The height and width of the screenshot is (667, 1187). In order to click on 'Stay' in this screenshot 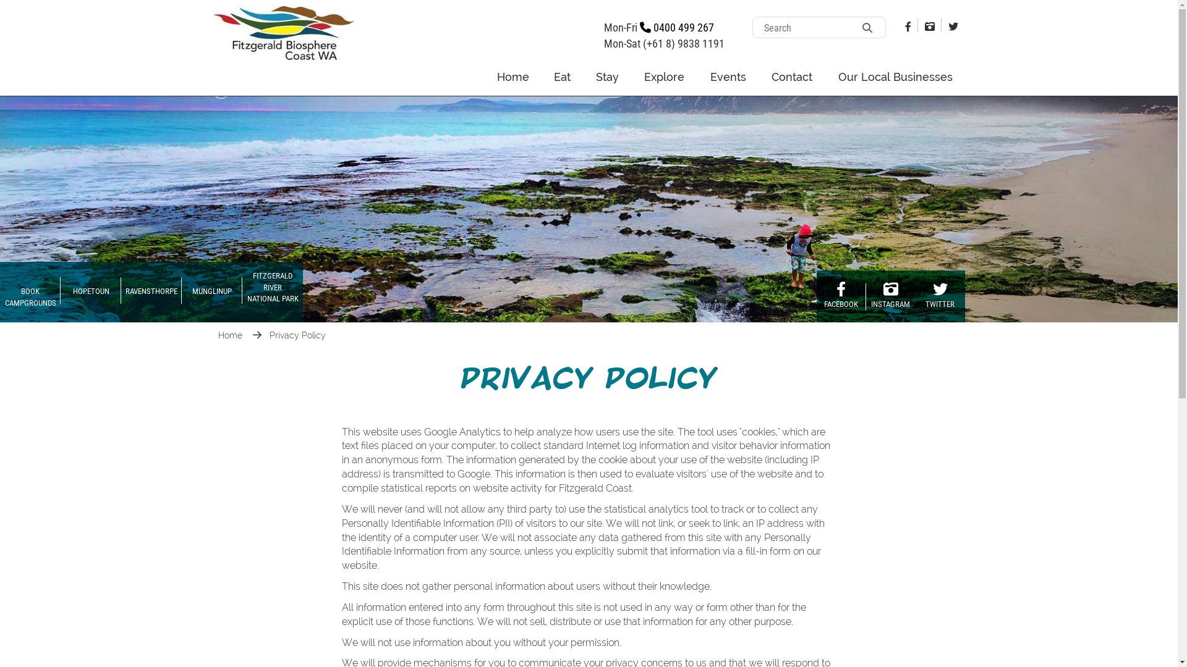, I will do `click(608, 77)`.